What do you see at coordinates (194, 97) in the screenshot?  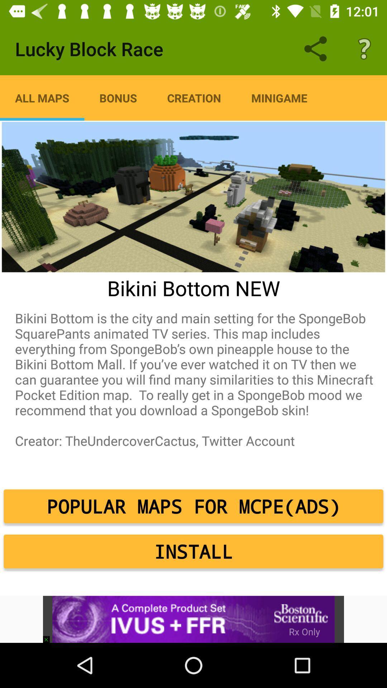 I see `icon to the right of the bonus` at bounding box center [194, 97].